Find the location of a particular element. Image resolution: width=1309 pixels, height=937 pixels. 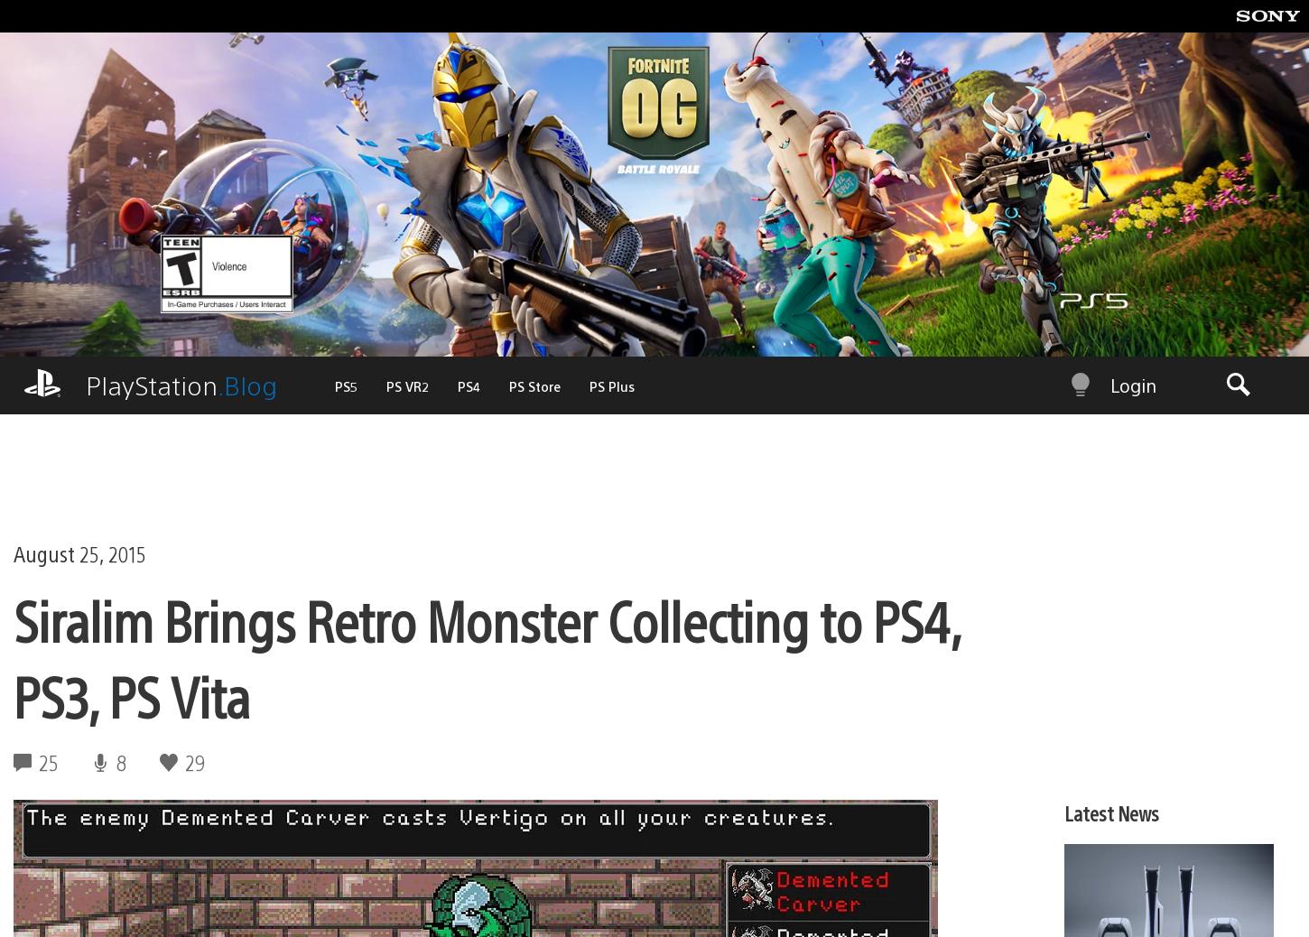

'PS VR2' is located at coordinates (90, 442).